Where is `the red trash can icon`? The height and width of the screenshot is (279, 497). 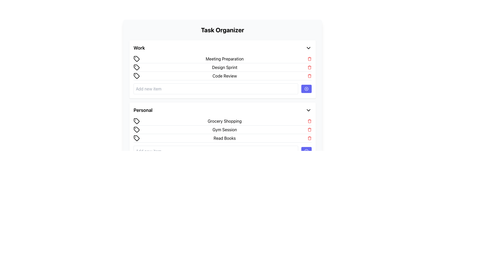 the red trash can icon is located at coordinates (309, 129).